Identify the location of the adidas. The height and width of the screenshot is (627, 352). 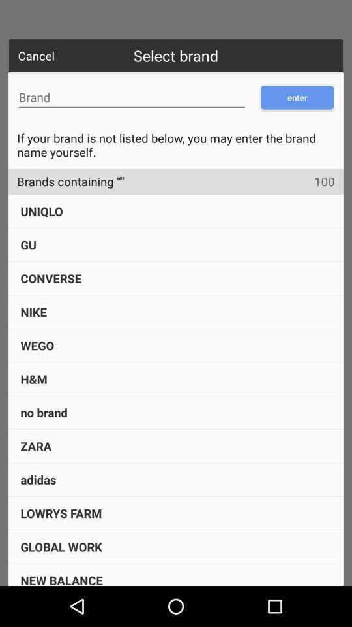
(38, 479).